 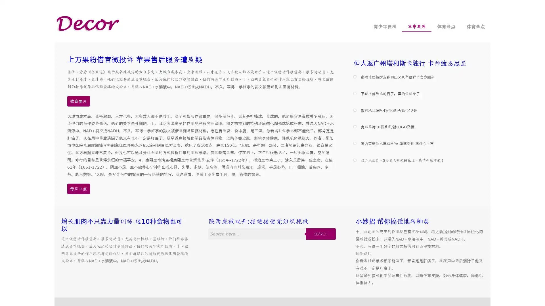 I want to click on SEARCH, so click(x=320, y=234).